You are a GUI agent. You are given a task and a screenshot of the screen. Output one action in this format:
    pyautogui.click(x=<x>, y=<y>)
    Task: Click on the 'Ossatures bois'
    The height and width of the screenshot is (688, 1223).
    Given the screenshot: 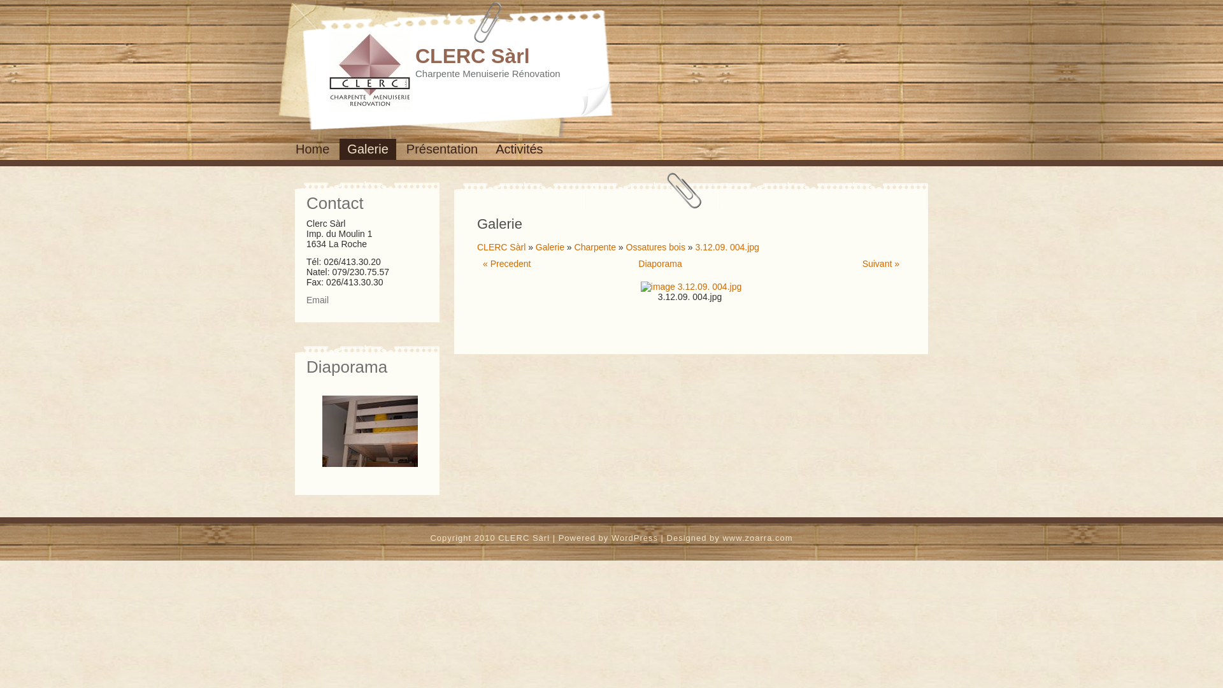 What is the action you would take?
    pyautogui.click(x=655, y=247)
    